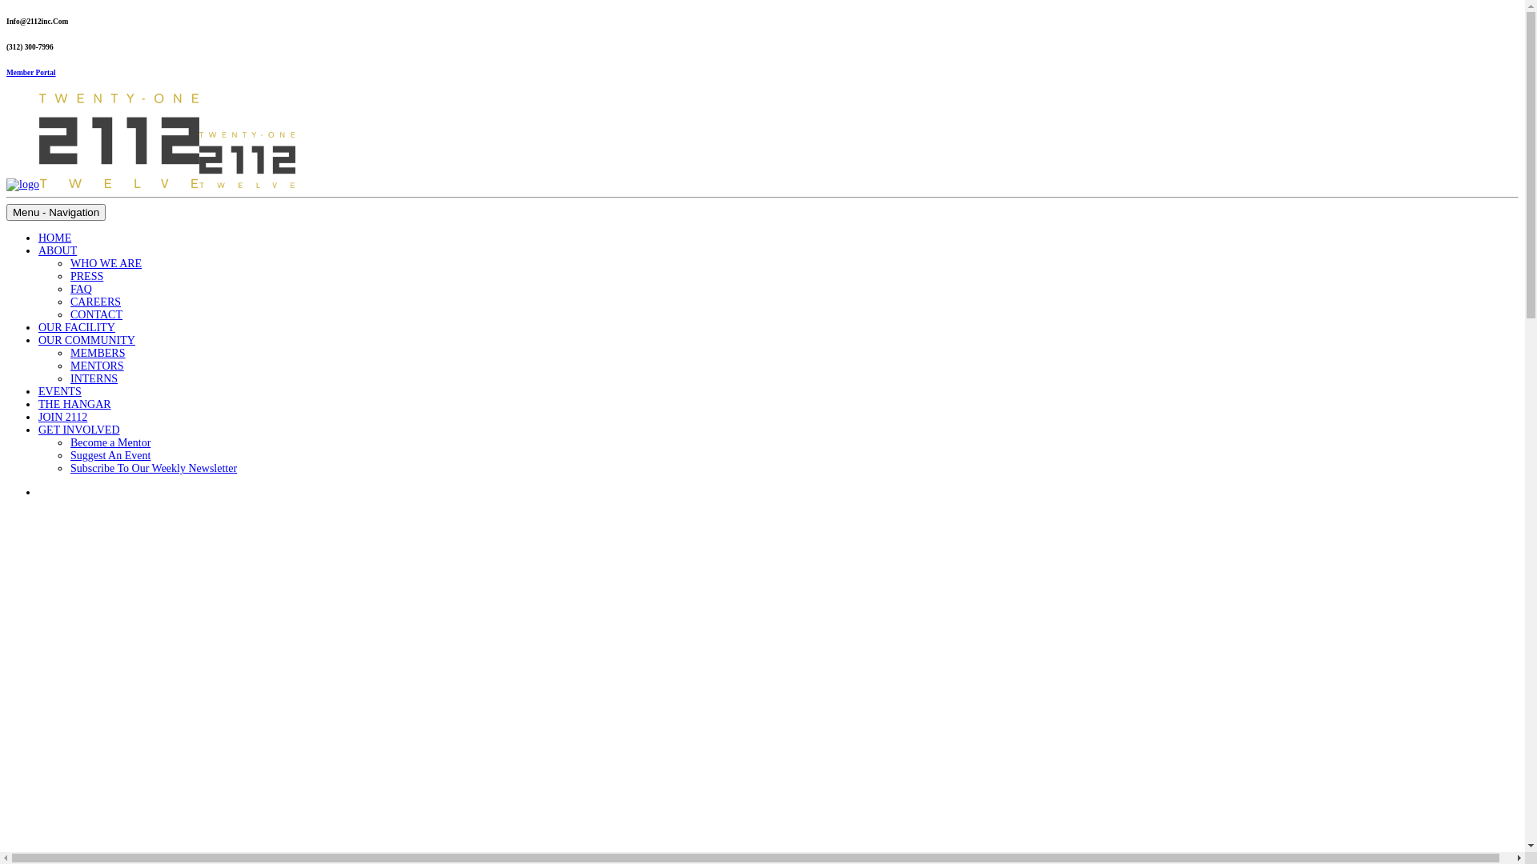  Describe the element at coordinates (58, 250) in the screenshot. I see `'ABOUT'` at that location.